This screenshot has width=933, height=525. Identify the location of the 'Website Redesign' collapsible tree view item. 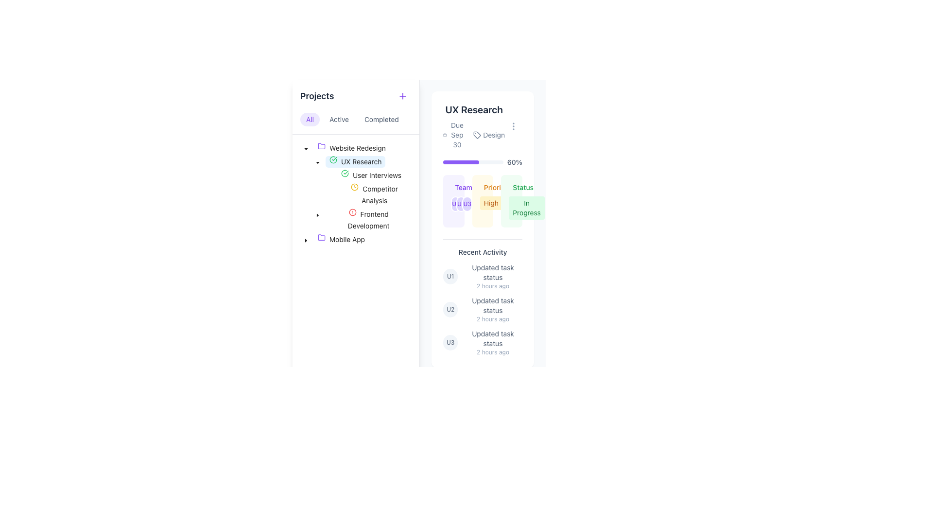
(345, 148).